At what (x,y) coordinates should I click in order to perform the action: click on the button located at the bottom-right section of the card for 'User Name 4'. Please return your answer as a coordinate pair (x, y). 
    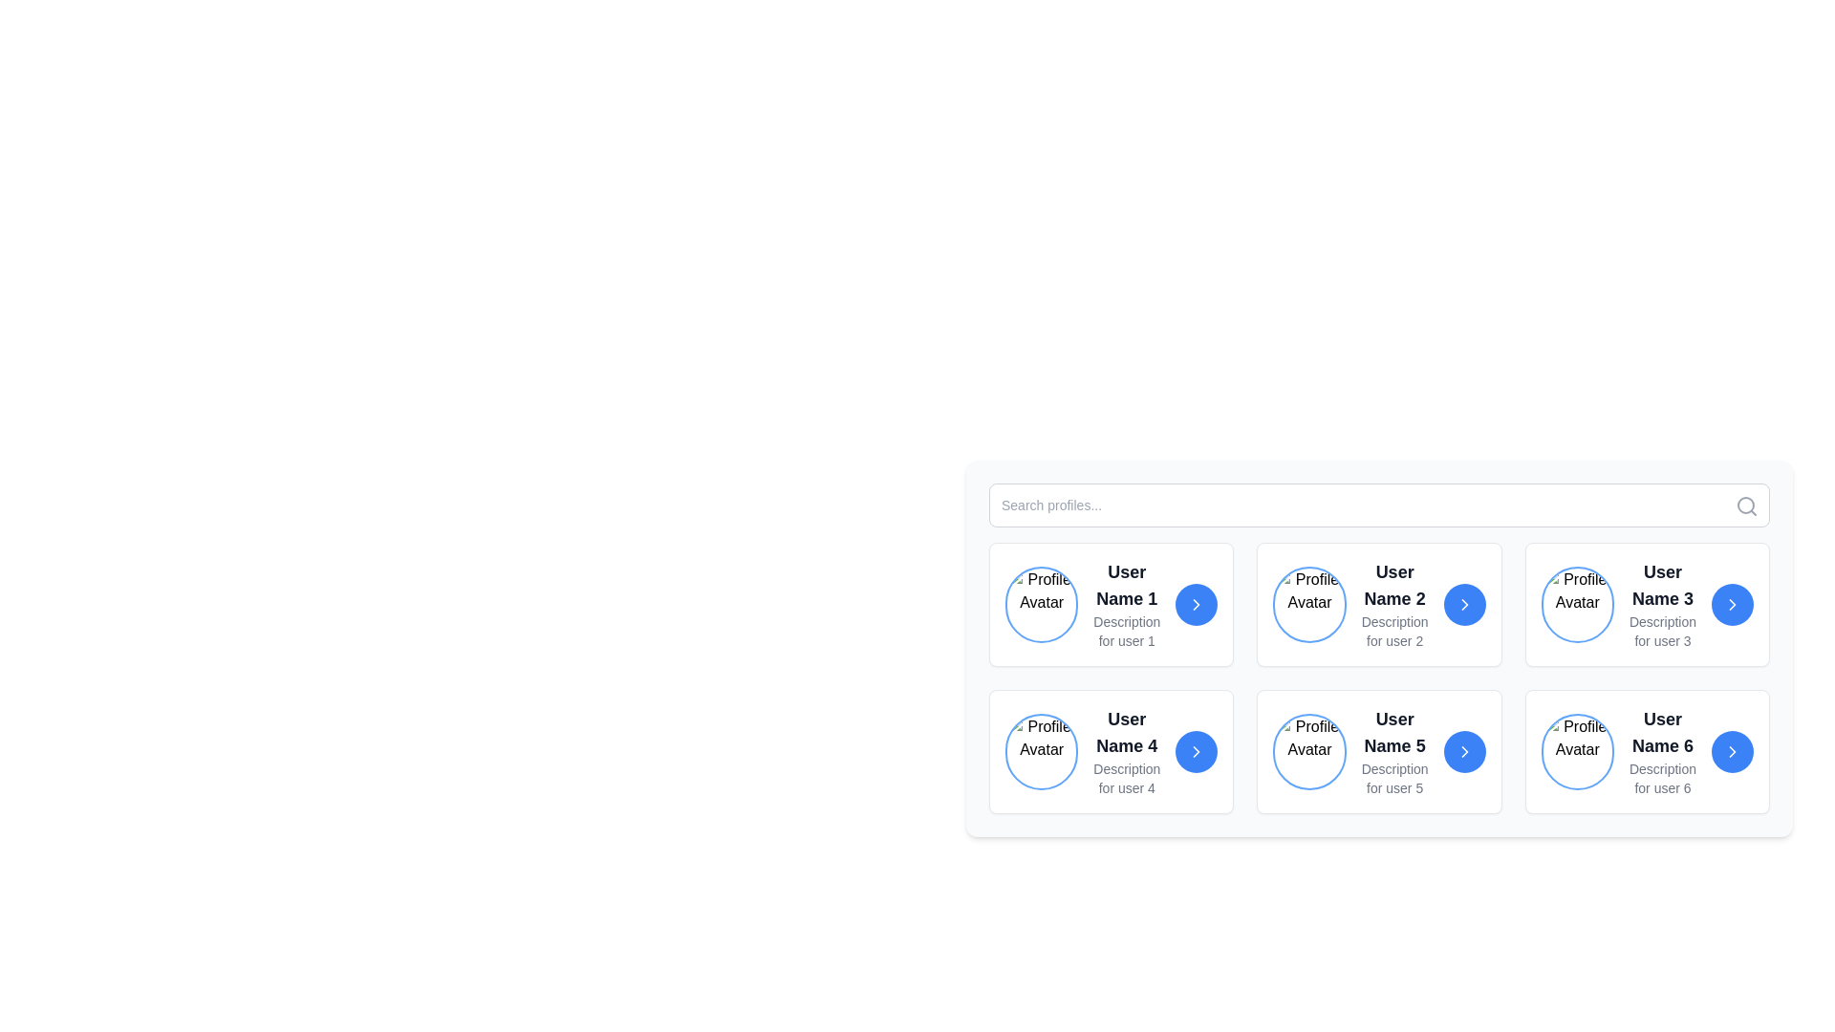
    Looking at the image, I should click on (1196, 750).